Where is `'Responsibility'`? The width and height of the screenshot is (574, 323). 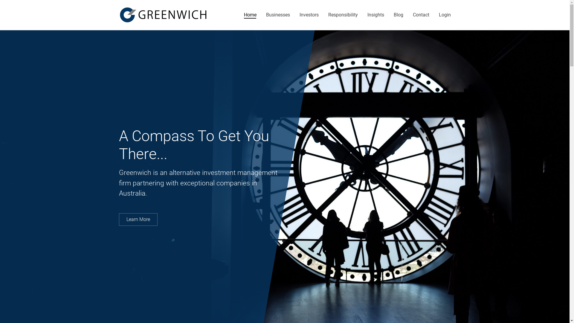 'Responsibility' is located at coordinates (343, 15).